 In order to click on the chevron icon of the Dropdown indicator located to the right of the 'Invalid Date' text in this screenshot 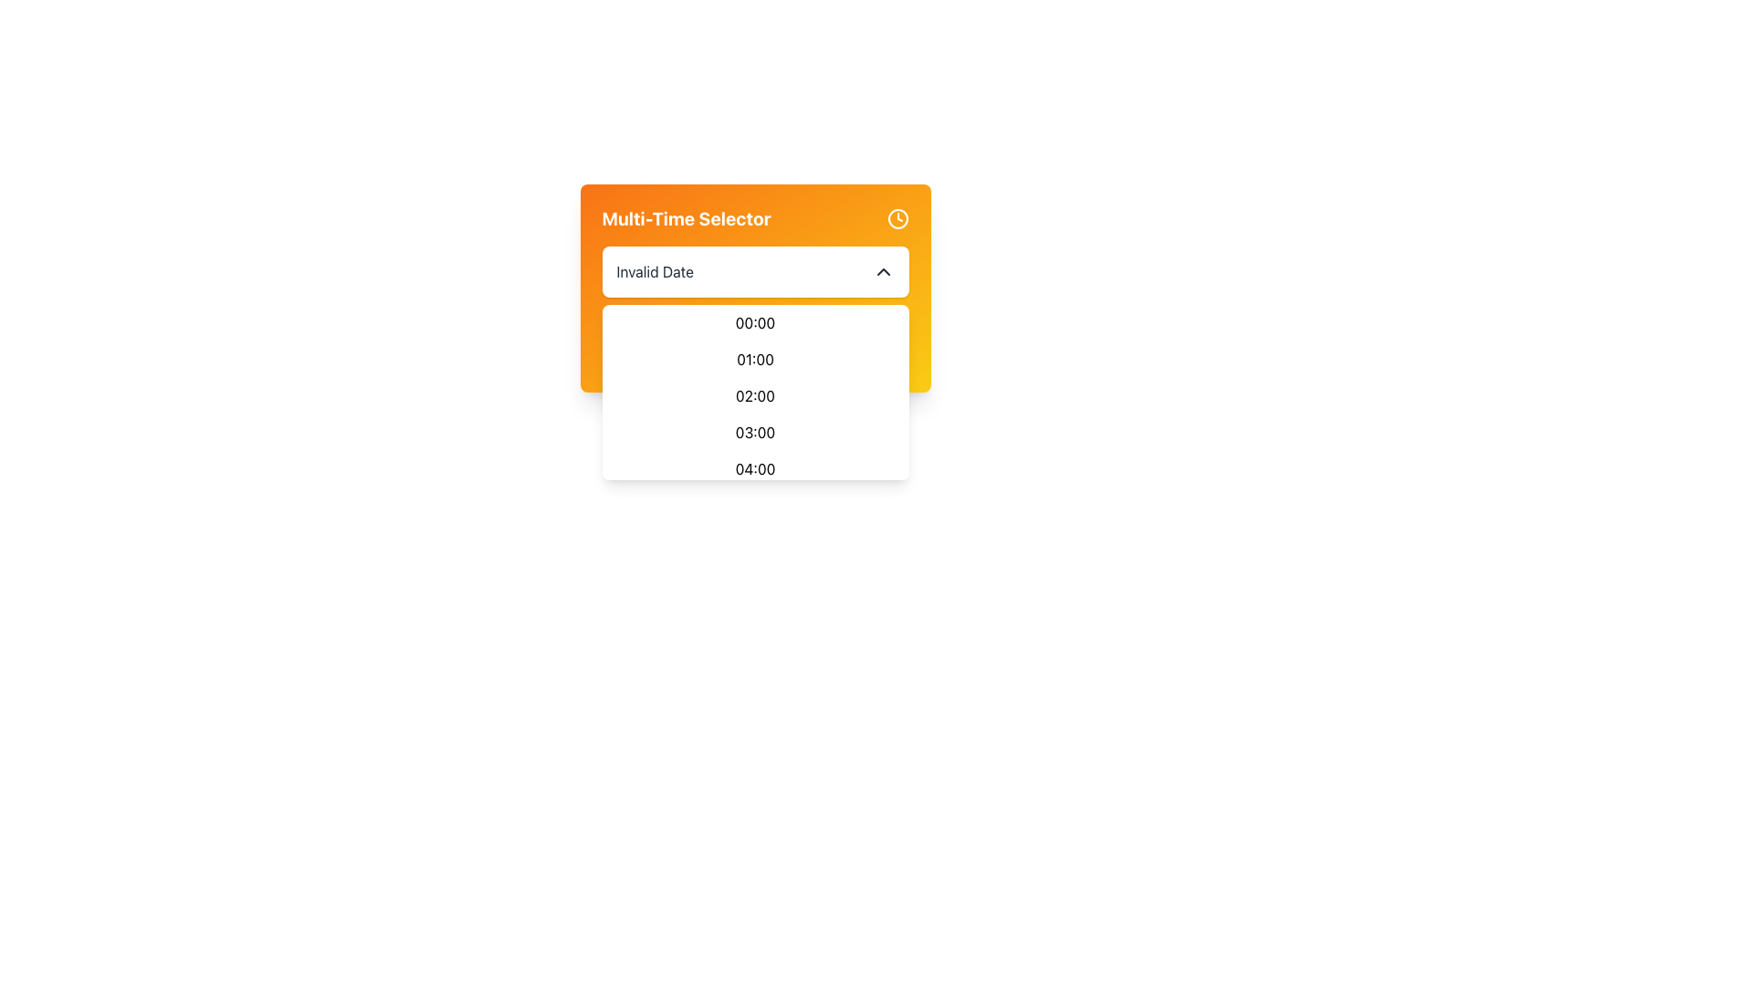, I will do `click(883, 271)`.